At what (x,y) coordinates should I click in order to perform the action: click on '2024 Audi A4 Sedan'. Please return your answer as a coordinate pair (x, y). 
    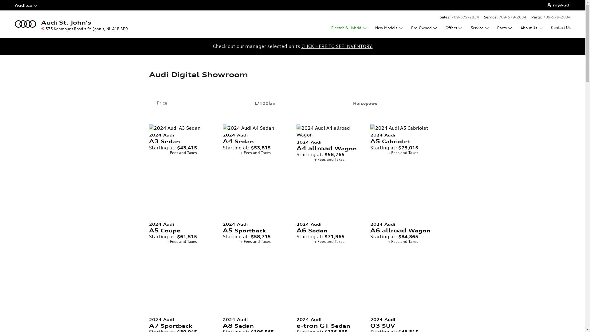
    Looking at the image, I should click on (253, 137).